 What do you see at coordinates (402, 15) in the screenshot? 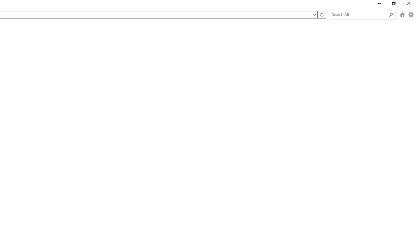
I see `'HomeButtonToolbar'` at bounding box center [402, 15].